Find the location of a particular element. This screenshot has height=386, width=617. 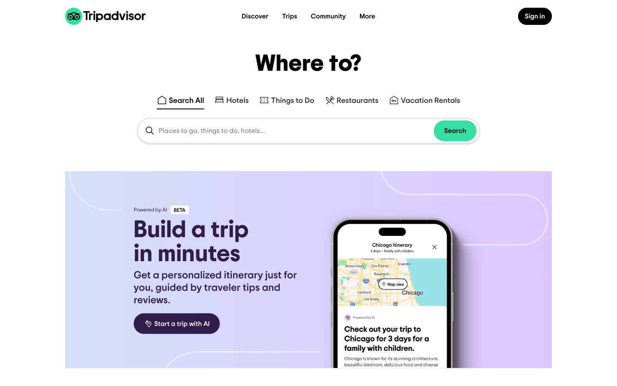

Locate food places in Pittsburgh is located at coordinates (351, 97).